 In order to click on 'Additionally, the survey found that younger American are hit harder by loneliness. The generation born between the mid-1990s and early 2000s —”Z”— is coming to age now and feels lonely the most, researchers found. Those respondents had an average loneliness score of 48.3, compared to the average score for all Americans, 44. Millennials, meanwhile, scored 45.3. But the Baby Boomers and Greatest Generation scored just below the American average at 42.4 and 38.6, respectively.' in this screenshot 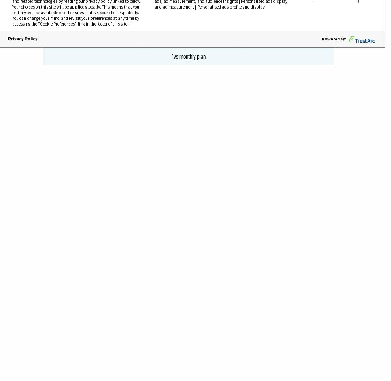, I will do `click(192, 273)`.